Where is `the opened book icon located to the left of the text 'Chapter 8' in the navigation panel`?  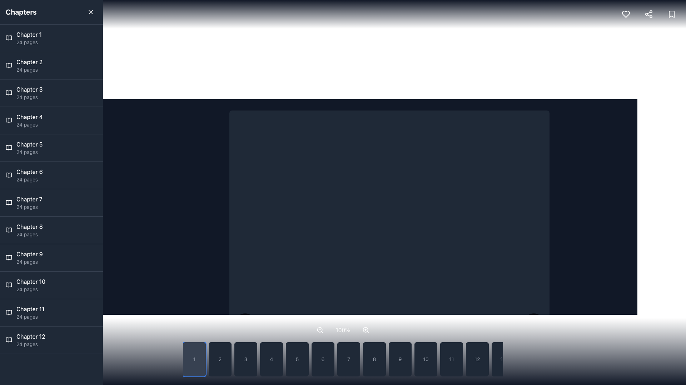 the opened book icon located to the left of the text 'Chapter 8' in the navigation panel is located at coordinates (9, 230).